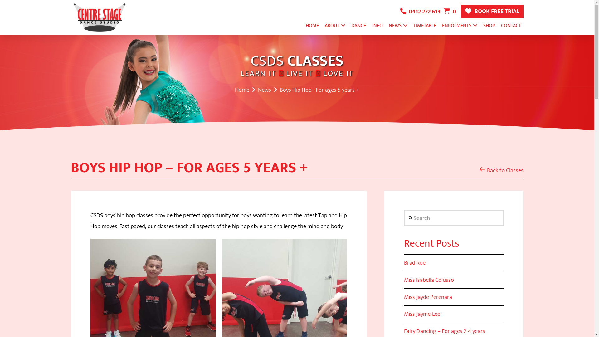 This screenshot has width=599, height=337. What do you see at coordinates (398, 25) in the screenshot?
I see `'NEWS'` at bounding box center [398, 25].